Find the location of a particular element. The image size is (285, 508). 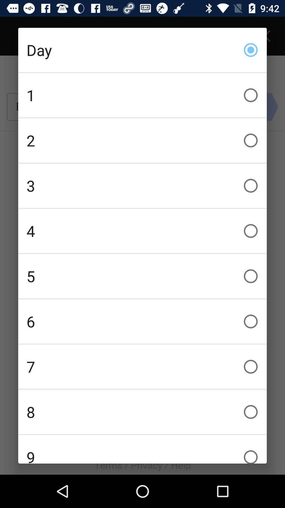

the 3 is located at coordinates (142, 185).